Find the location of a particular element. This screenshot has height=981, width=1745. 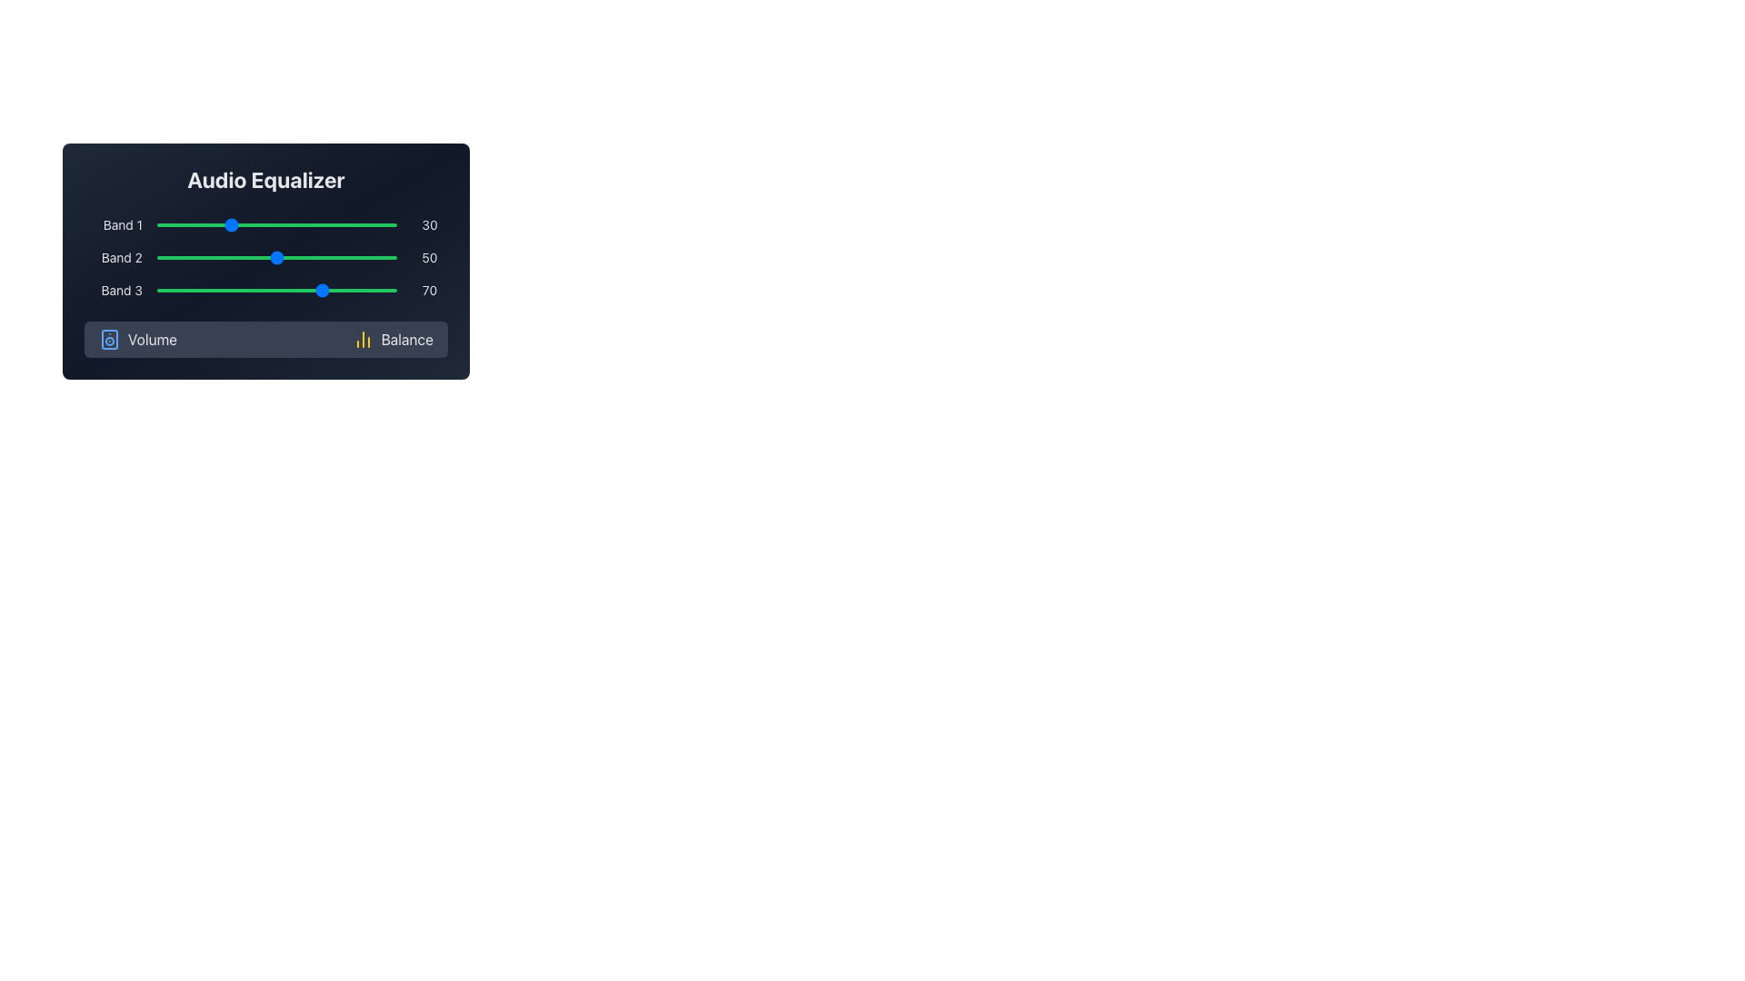

the Band 3 slider is located at coordinates (364, 290).